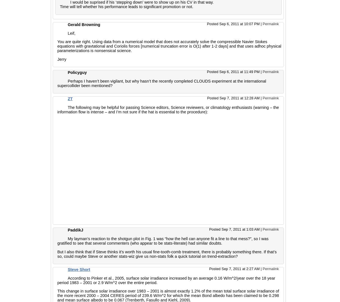  What do you see at coordinates (141, 2) in the screenshot?
I see `'I would be suprised if his ‘stepping down’ were to show up on his CV in that way.'` at bounding box center [141, 2].